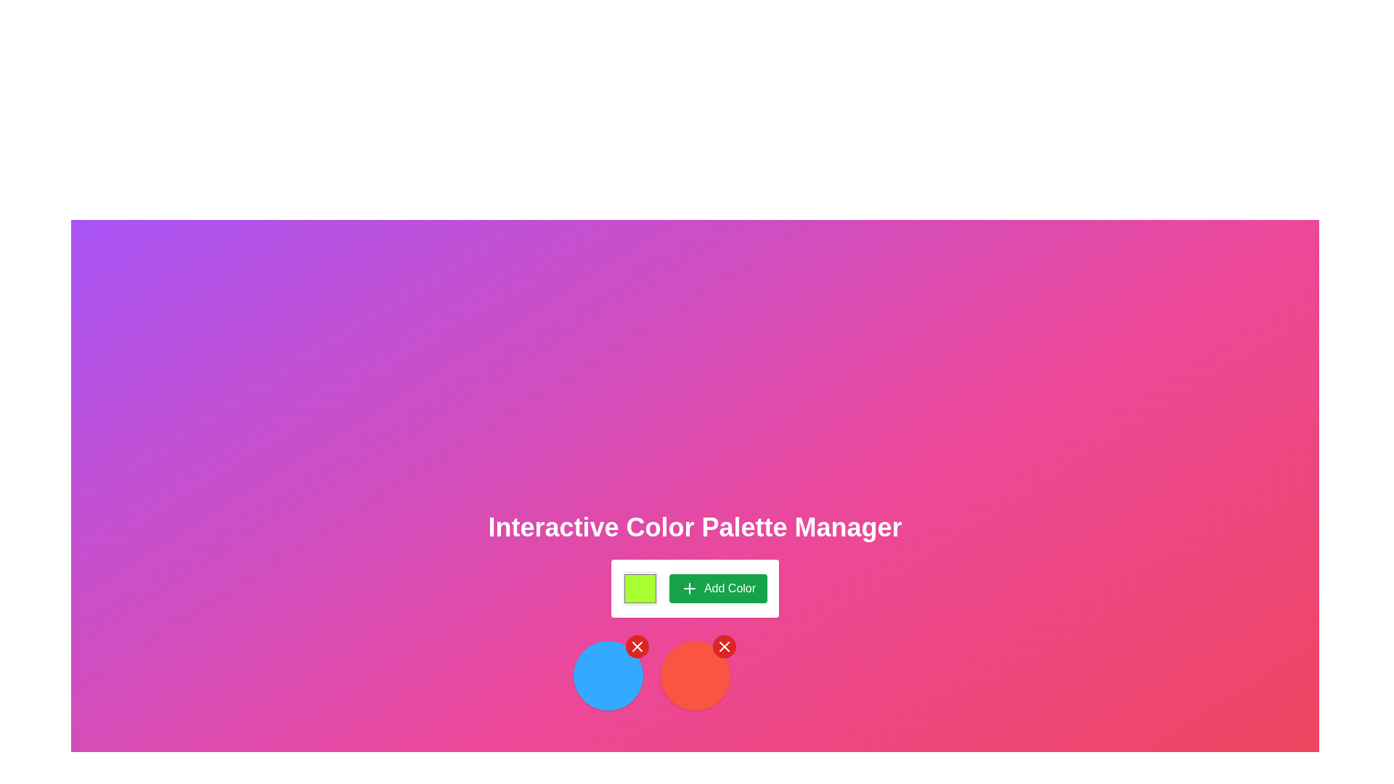 The height and width of the screenshot is (784, 1394). I want to click on the 'Add Color' button, which is a green rectangular button with white text and a '+' icon, so click(718, 588).